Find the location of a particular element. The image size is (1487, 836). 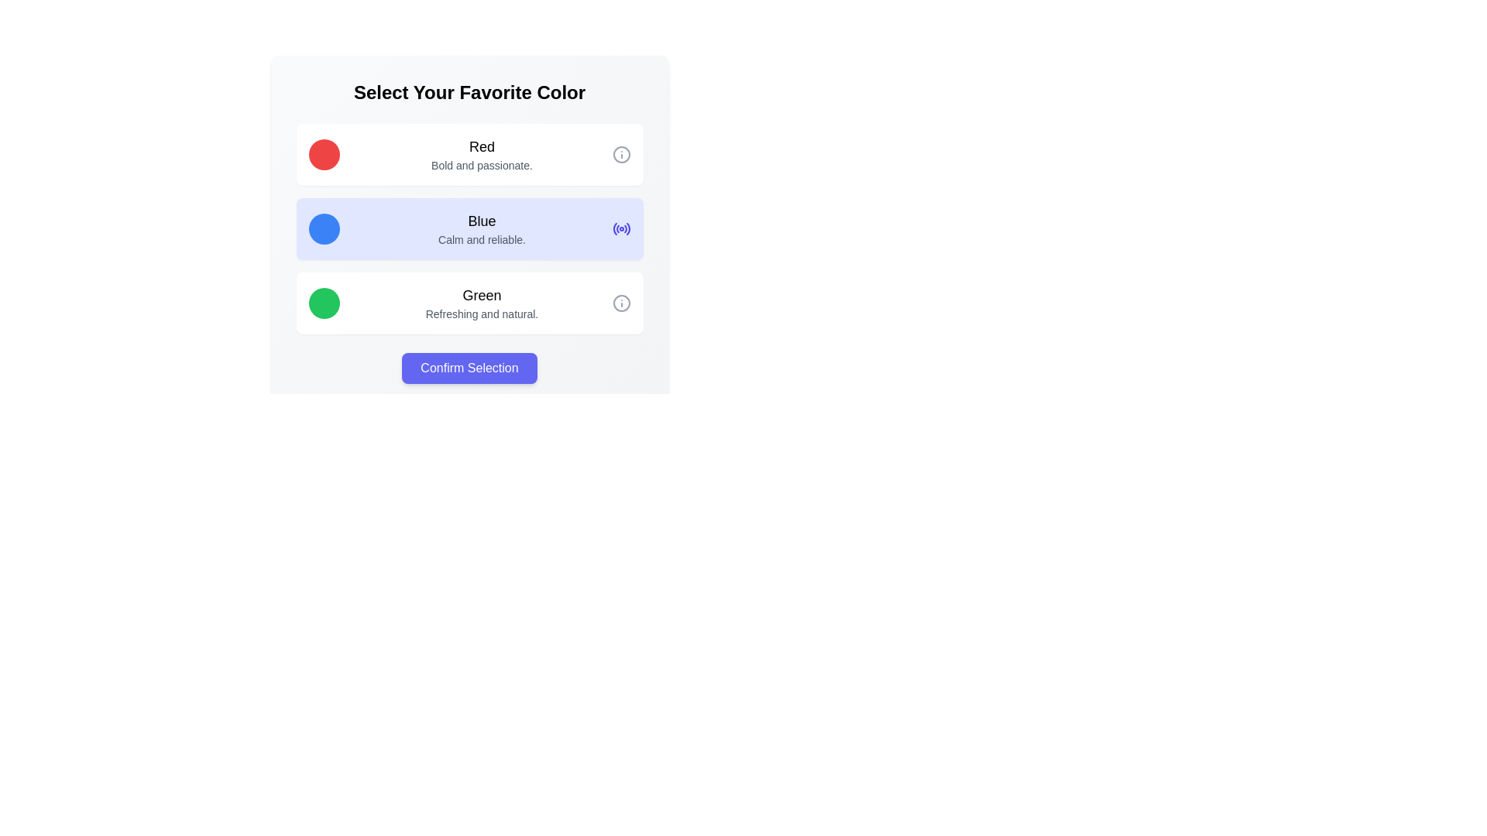

on the currently selected item 'Blue' in the color selection list, which is highlighted in the section labeled 'Select Your Favorite Color.' is located at coordinates (469, 229).